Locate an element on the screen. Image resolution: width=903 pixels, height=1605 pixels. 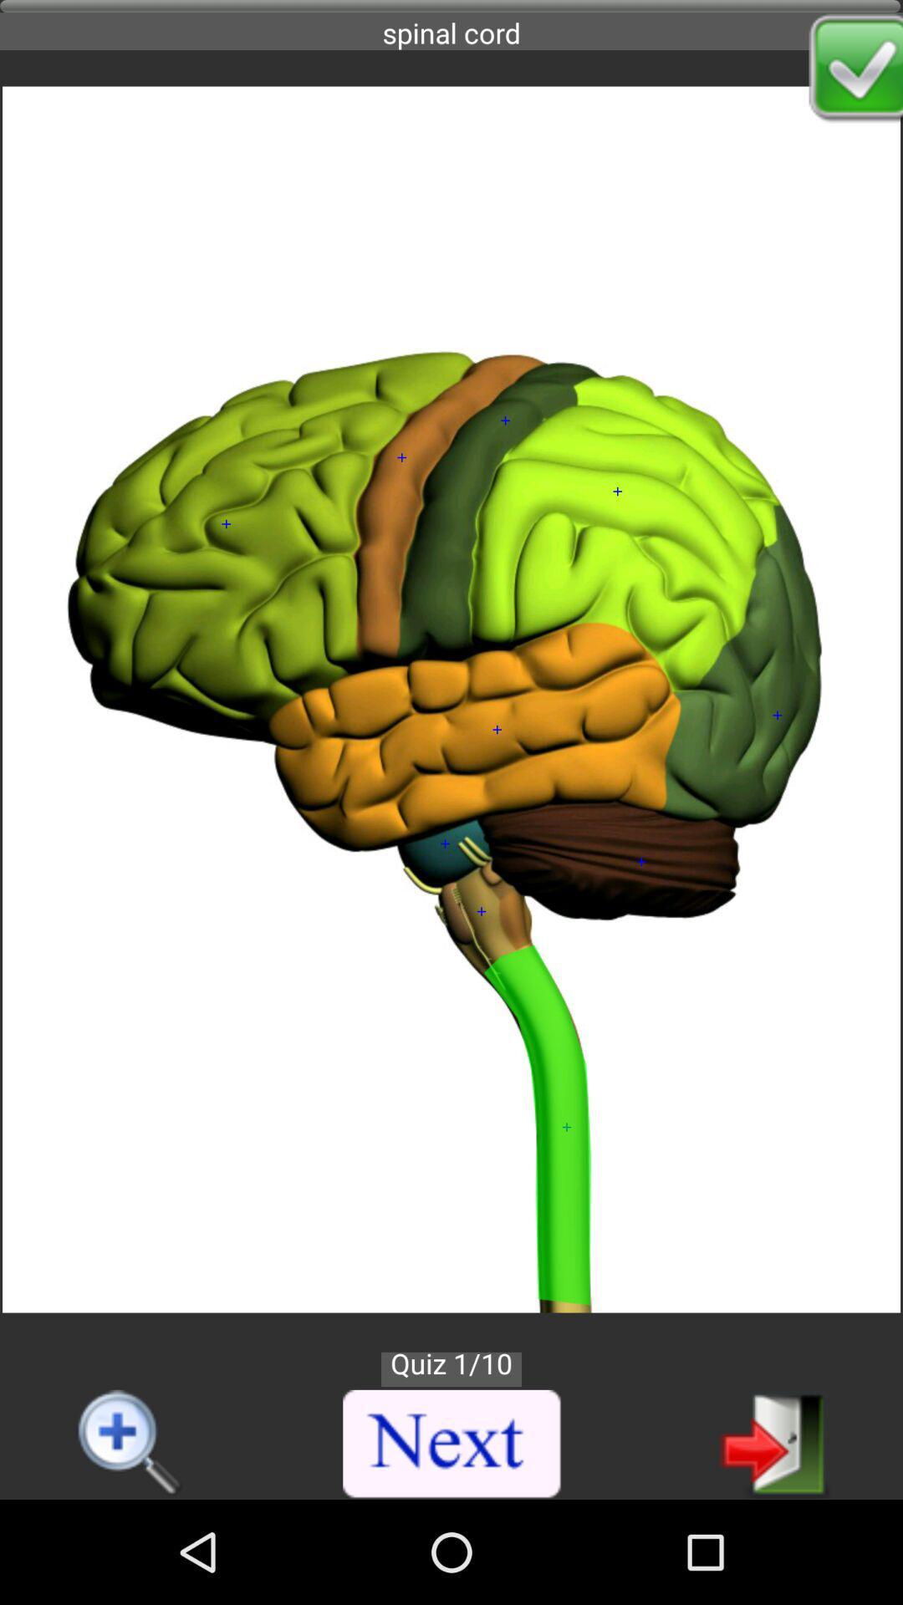
the item at the bottom left corner is located at coordinates (130, 1444).